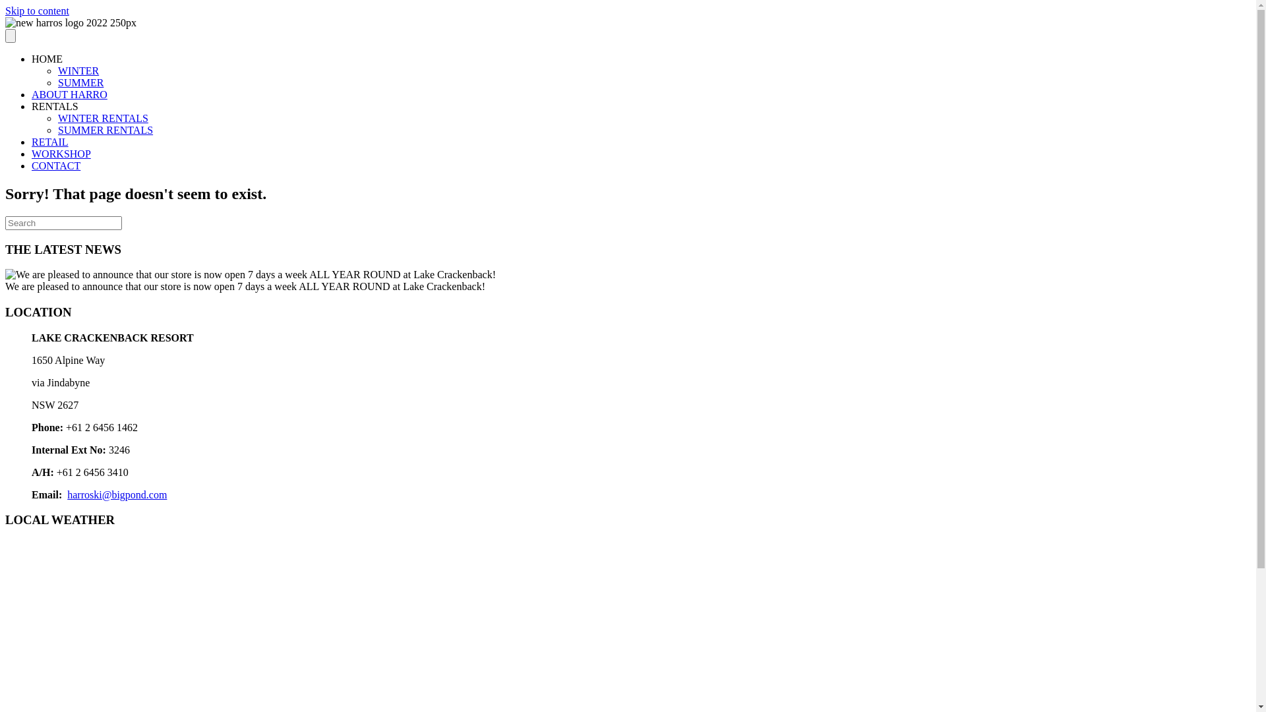 The height and width of the screenshot is (712, 1266). What do you see at coordinates (47, 58) in the screenshot?
I see `'HOME'` at bounding box center [47, 58].